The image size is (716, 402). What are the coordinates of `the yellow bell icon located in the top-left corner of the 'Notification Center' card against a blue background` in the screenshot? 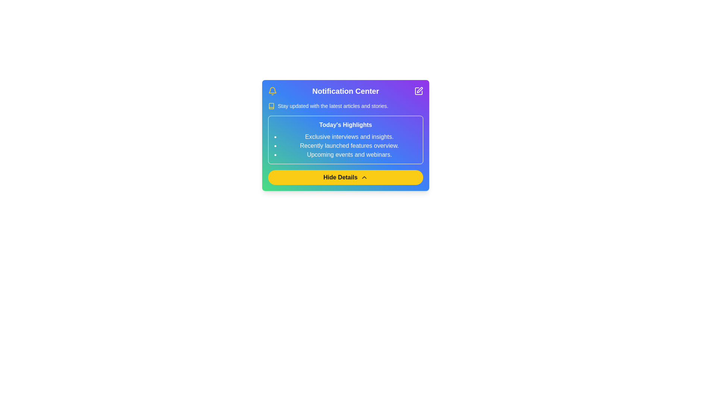 It's located at (272, 91).